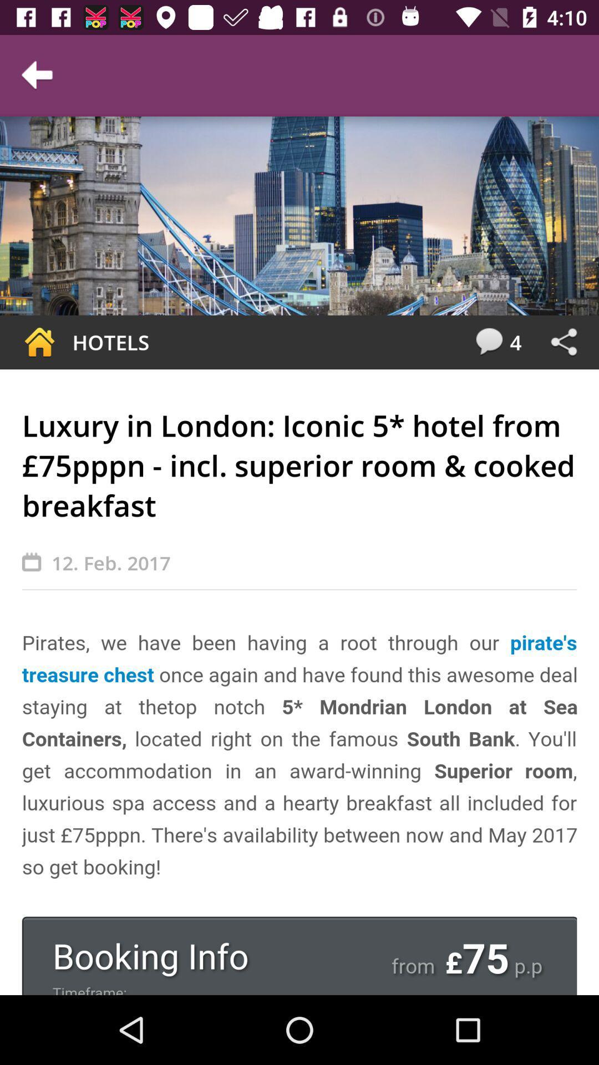 The width and height of the screenshot is (599, 1065). I want to click on share this listing, so click(564, 342).